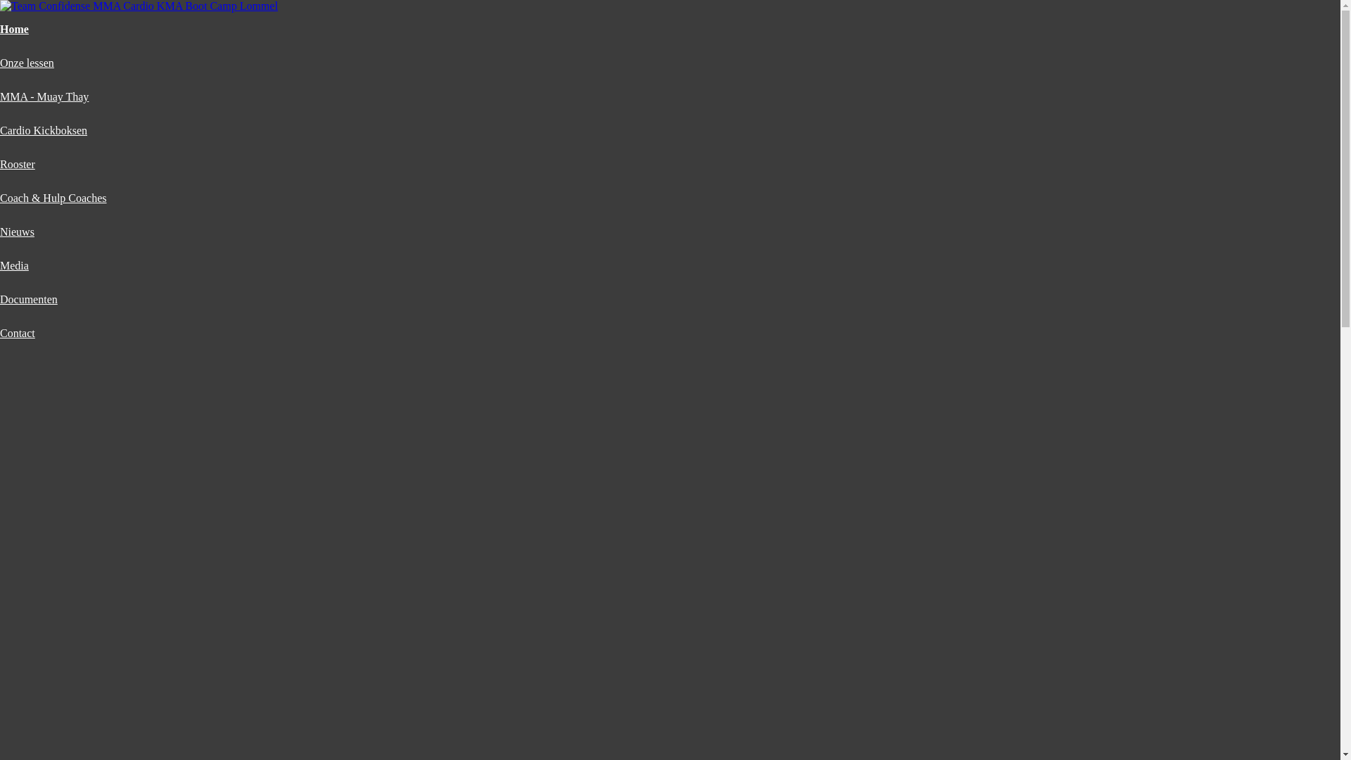 This screenshot has width=1351, height=760. I want to click on 'Home', so click(14, 29).